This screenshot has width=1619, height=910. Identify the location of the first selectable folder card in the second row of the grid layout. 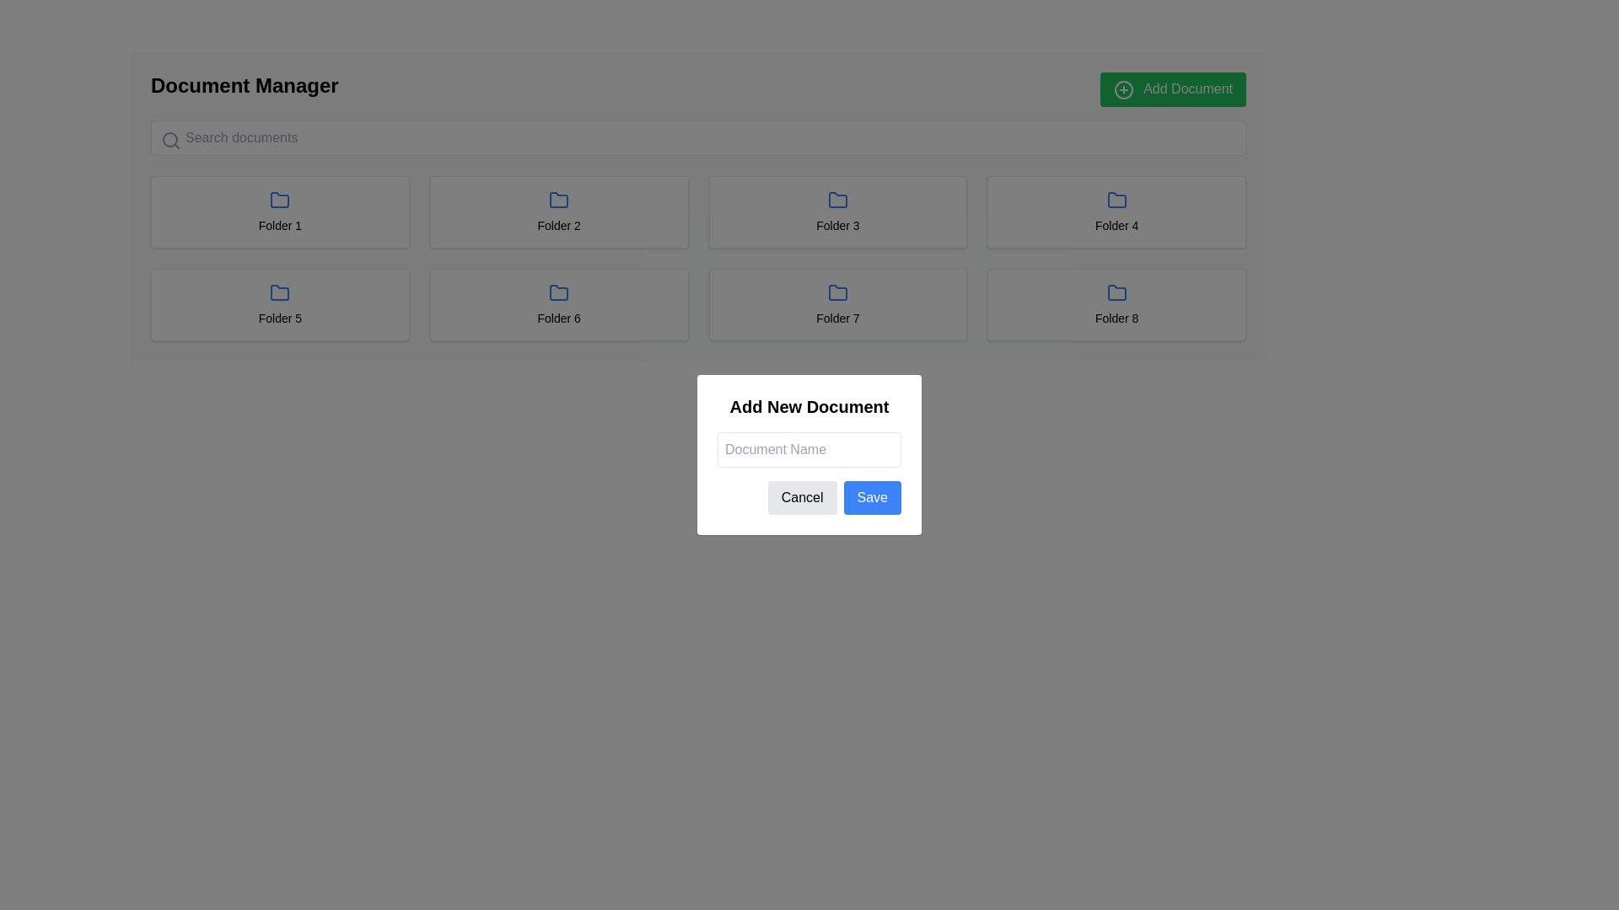
(280, 304).